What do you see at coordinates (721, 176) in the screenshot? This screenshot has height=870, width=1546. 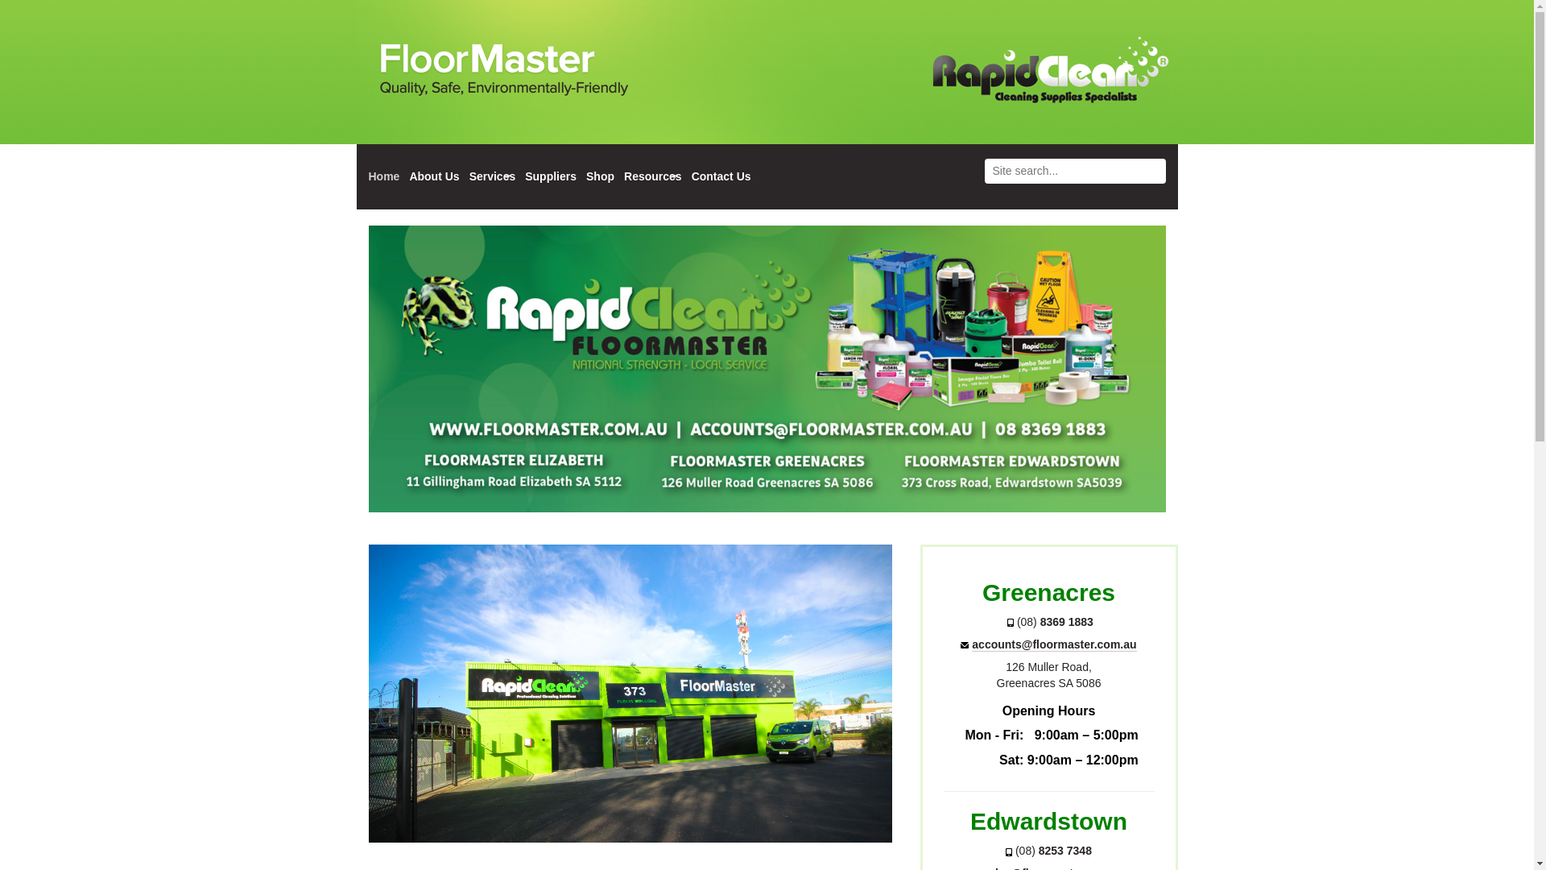 I see `'Contact Us'` at bounding box center [721, 176].